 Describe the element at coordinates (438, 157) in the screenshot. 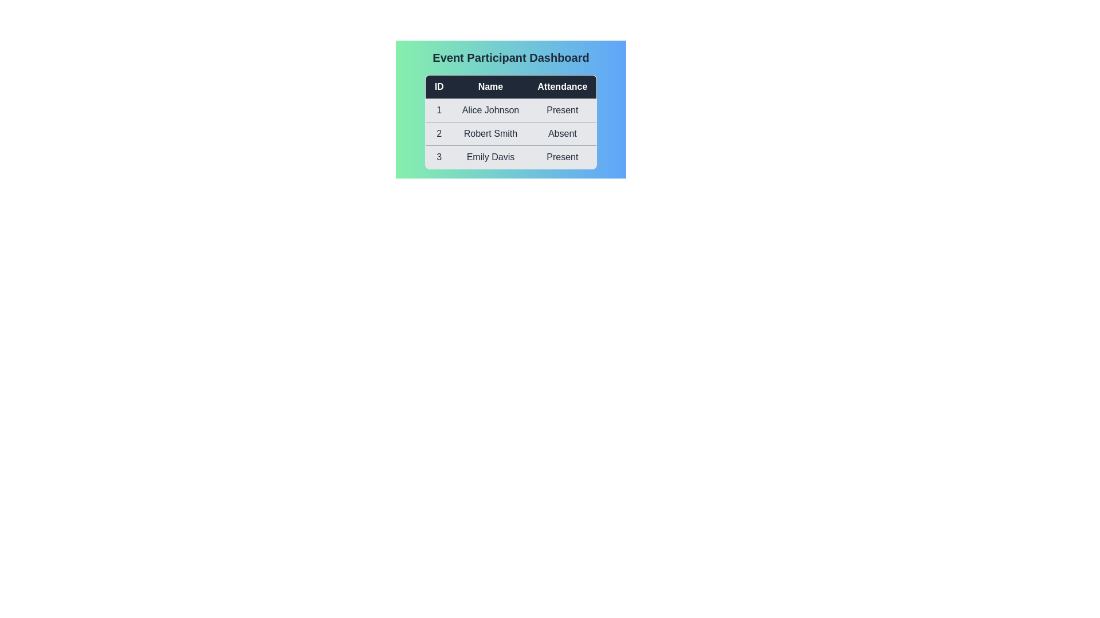

I see `the Static Table Cell containing the number '3', which is the first cell in the third row of the table layout under the 'ID' column header` at that location.